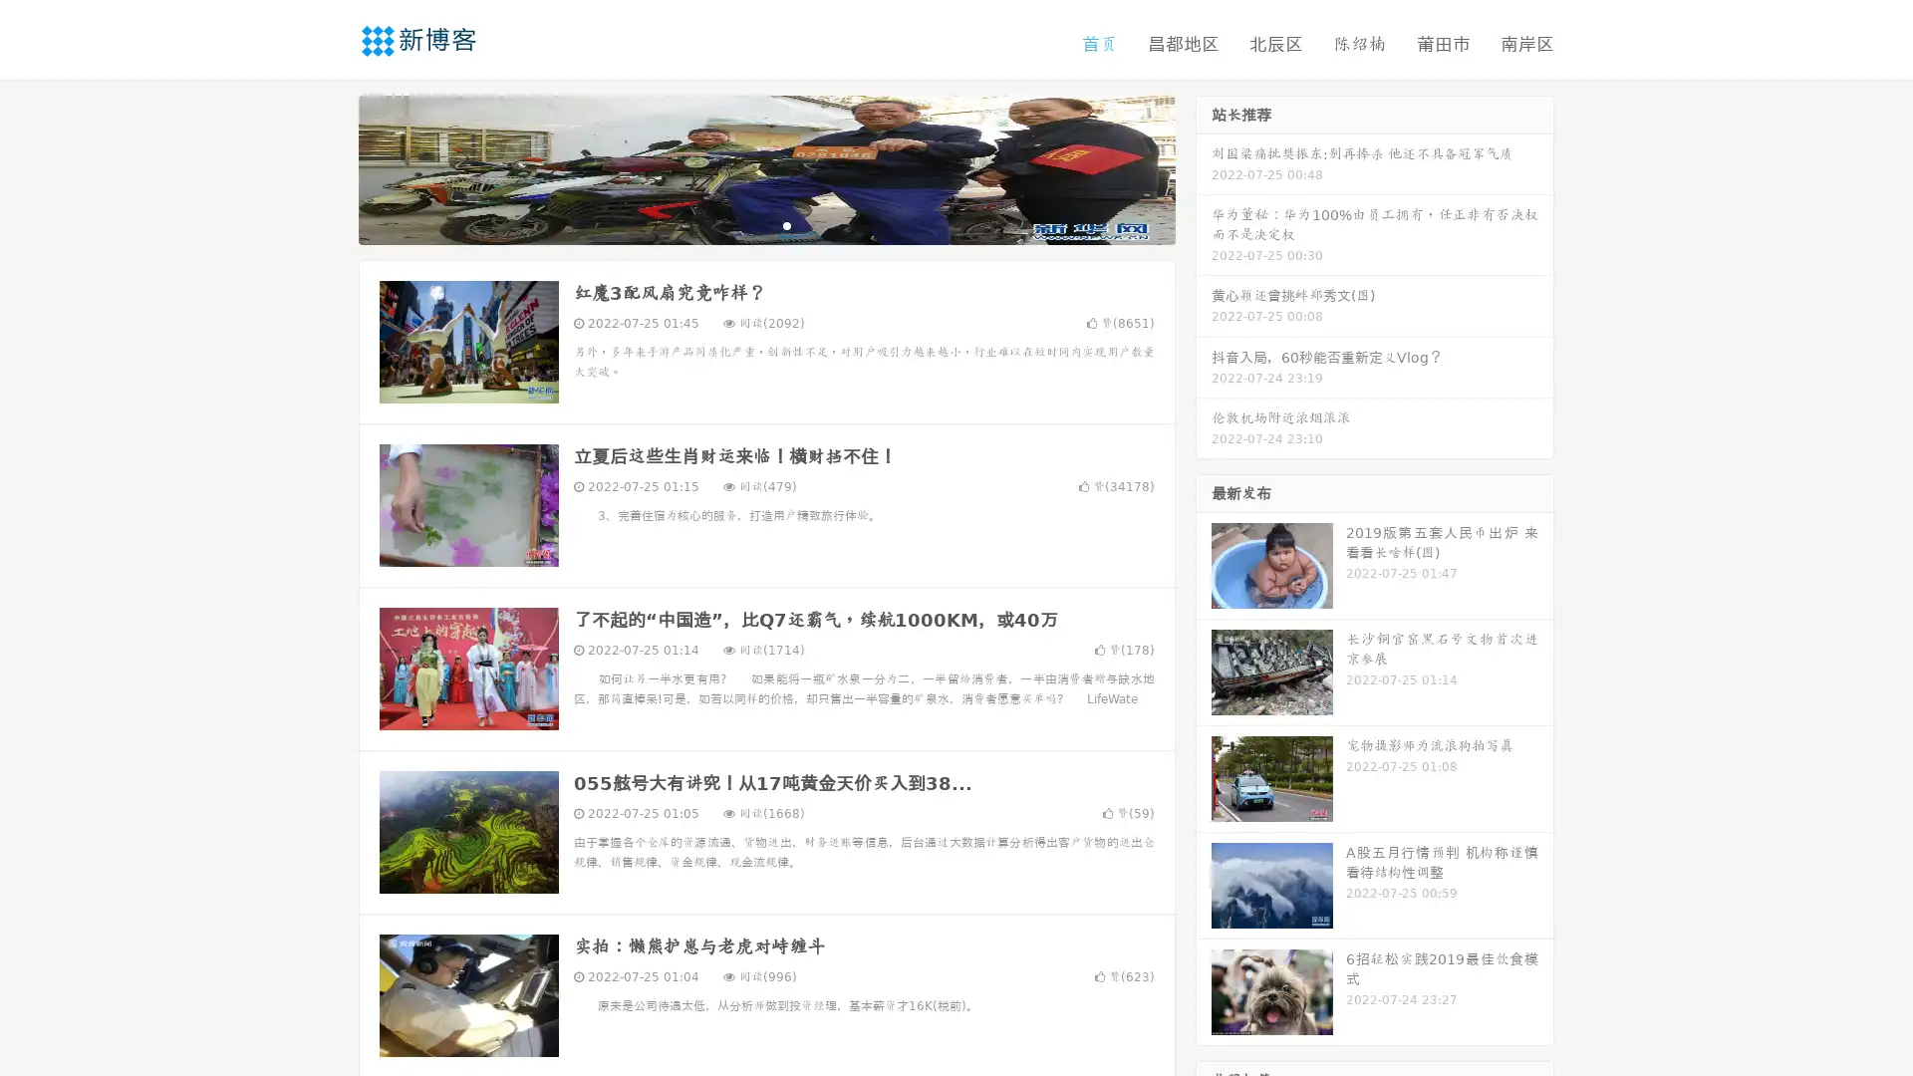 The height and width of the screenshot is (1076, 1913). What do you see at coordinates (765, 224) in the screenshot?
I see `Go to slide 2` at bounding box center [765, 224].